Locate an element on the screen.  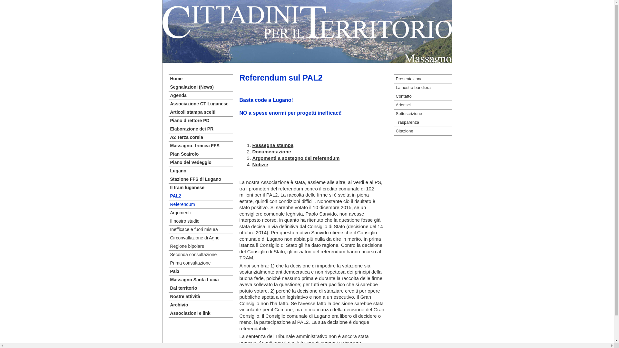
'Aderisci' is located at coordinates (423, 105).